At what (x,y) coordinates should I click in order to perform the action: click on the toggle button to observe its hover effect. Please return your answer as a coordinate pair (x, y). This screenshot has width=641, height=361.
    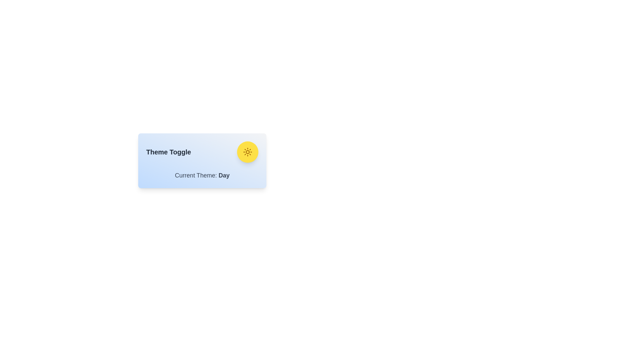
    Looking at the image, I should click on (247, 152).